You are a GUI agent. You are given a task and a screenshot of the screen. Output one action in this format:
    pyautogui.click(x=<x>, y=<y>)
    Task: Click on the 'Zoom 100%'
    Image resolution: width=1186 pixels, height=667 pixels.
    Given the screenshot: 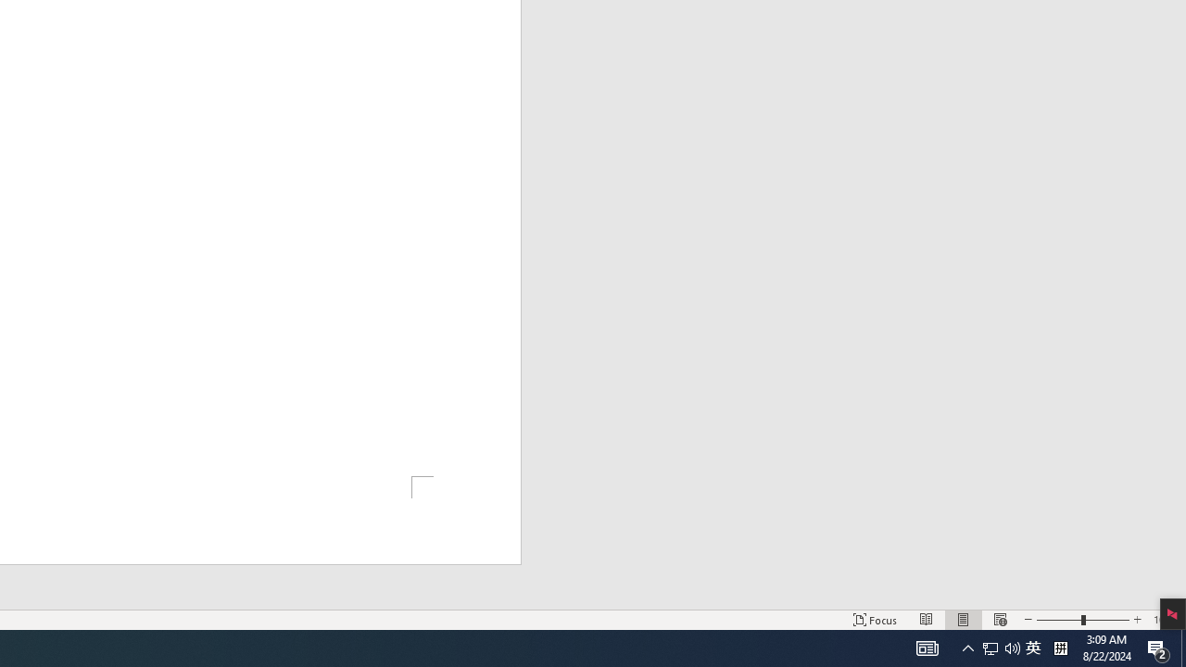 What is the action you would take?
    pyautogui.click(x=1165, y=620)
    